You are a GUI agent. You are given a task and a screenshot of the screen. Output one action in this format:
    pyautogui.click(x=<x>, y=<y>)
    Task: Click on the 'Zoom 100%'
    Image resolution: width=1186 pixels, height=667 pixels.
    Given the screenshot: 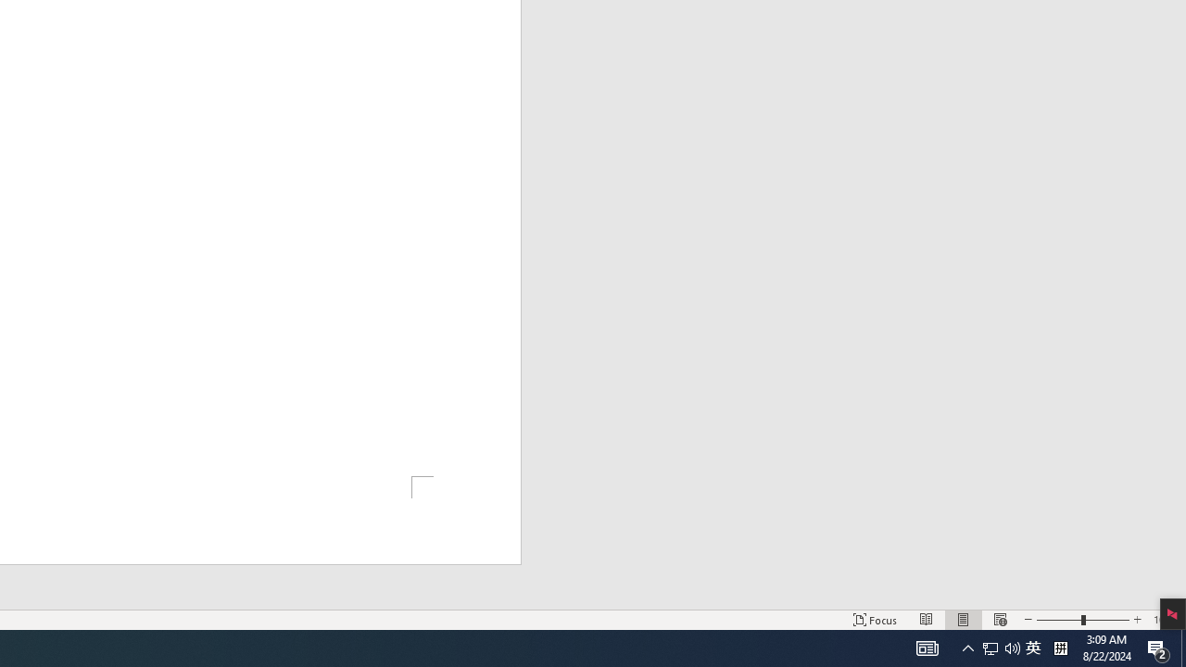 What is the action you would take?
    pyautogui.click(x=1165, y=620)
    